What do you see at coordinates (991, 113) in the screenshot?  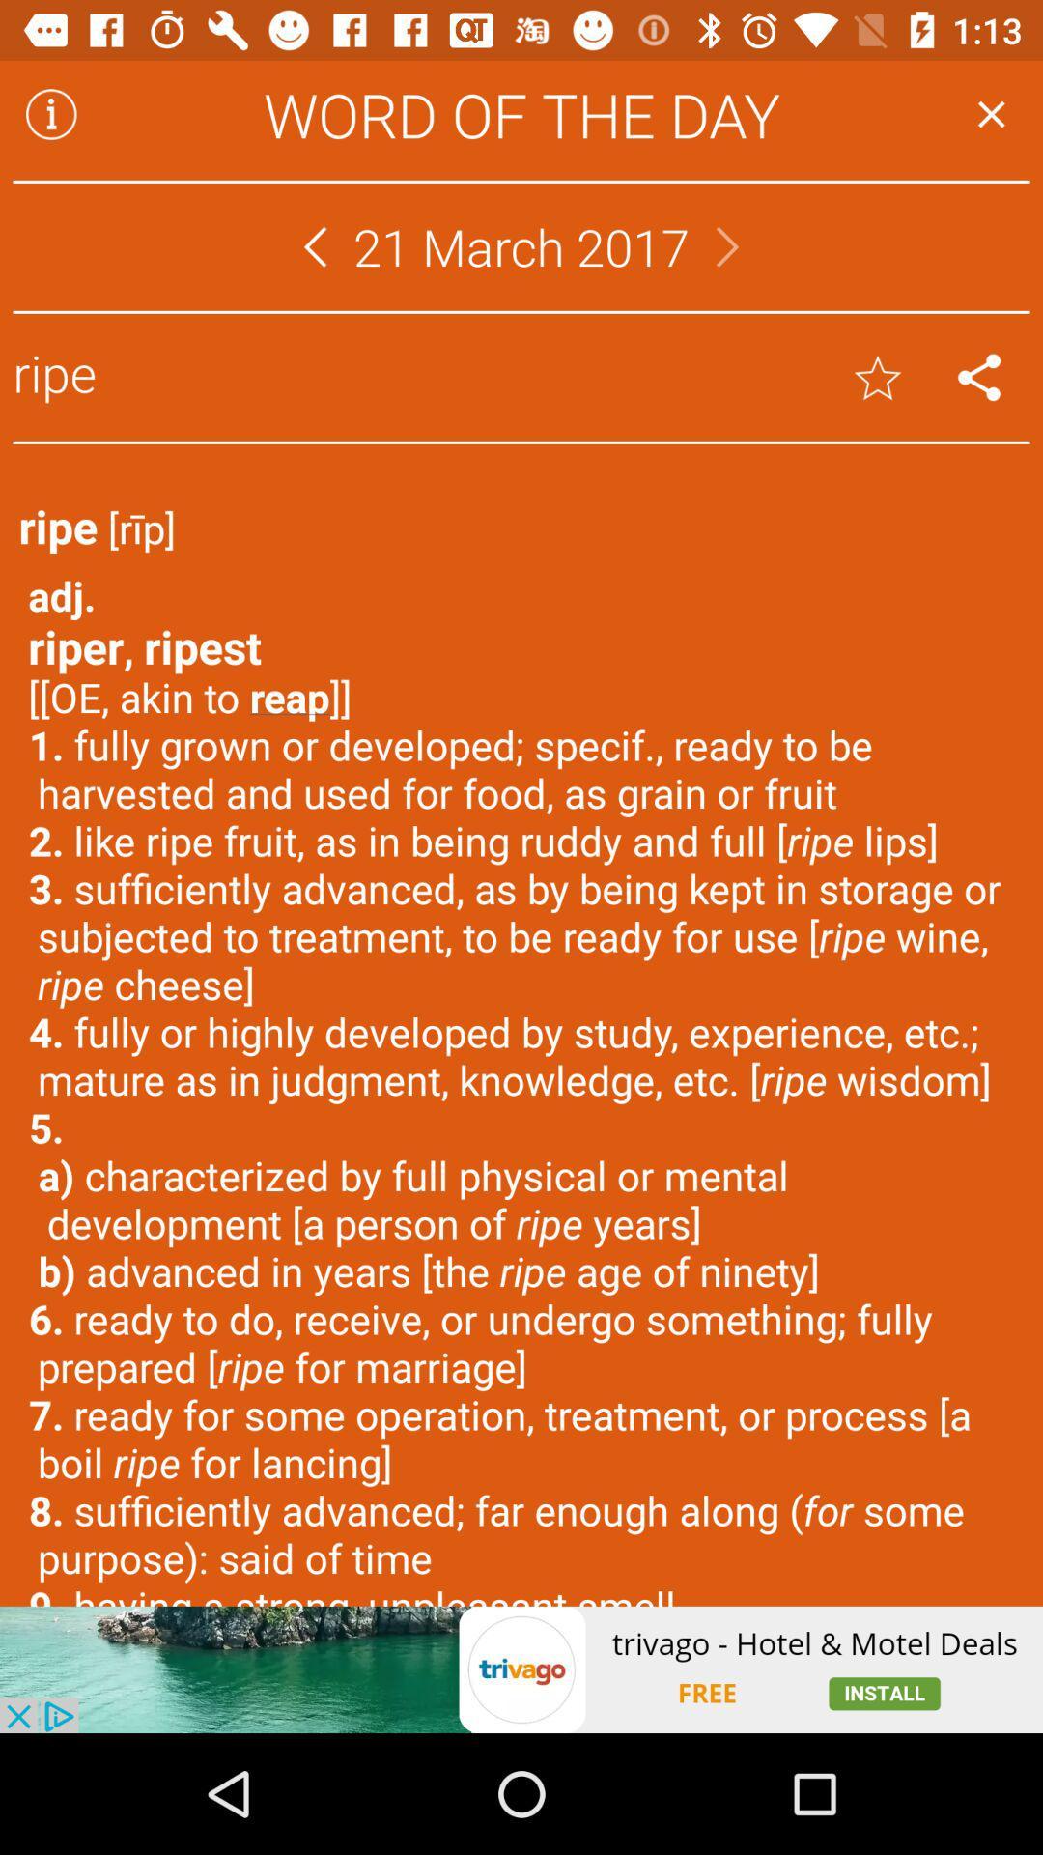 I see `button` at bounding box center [991, 113].